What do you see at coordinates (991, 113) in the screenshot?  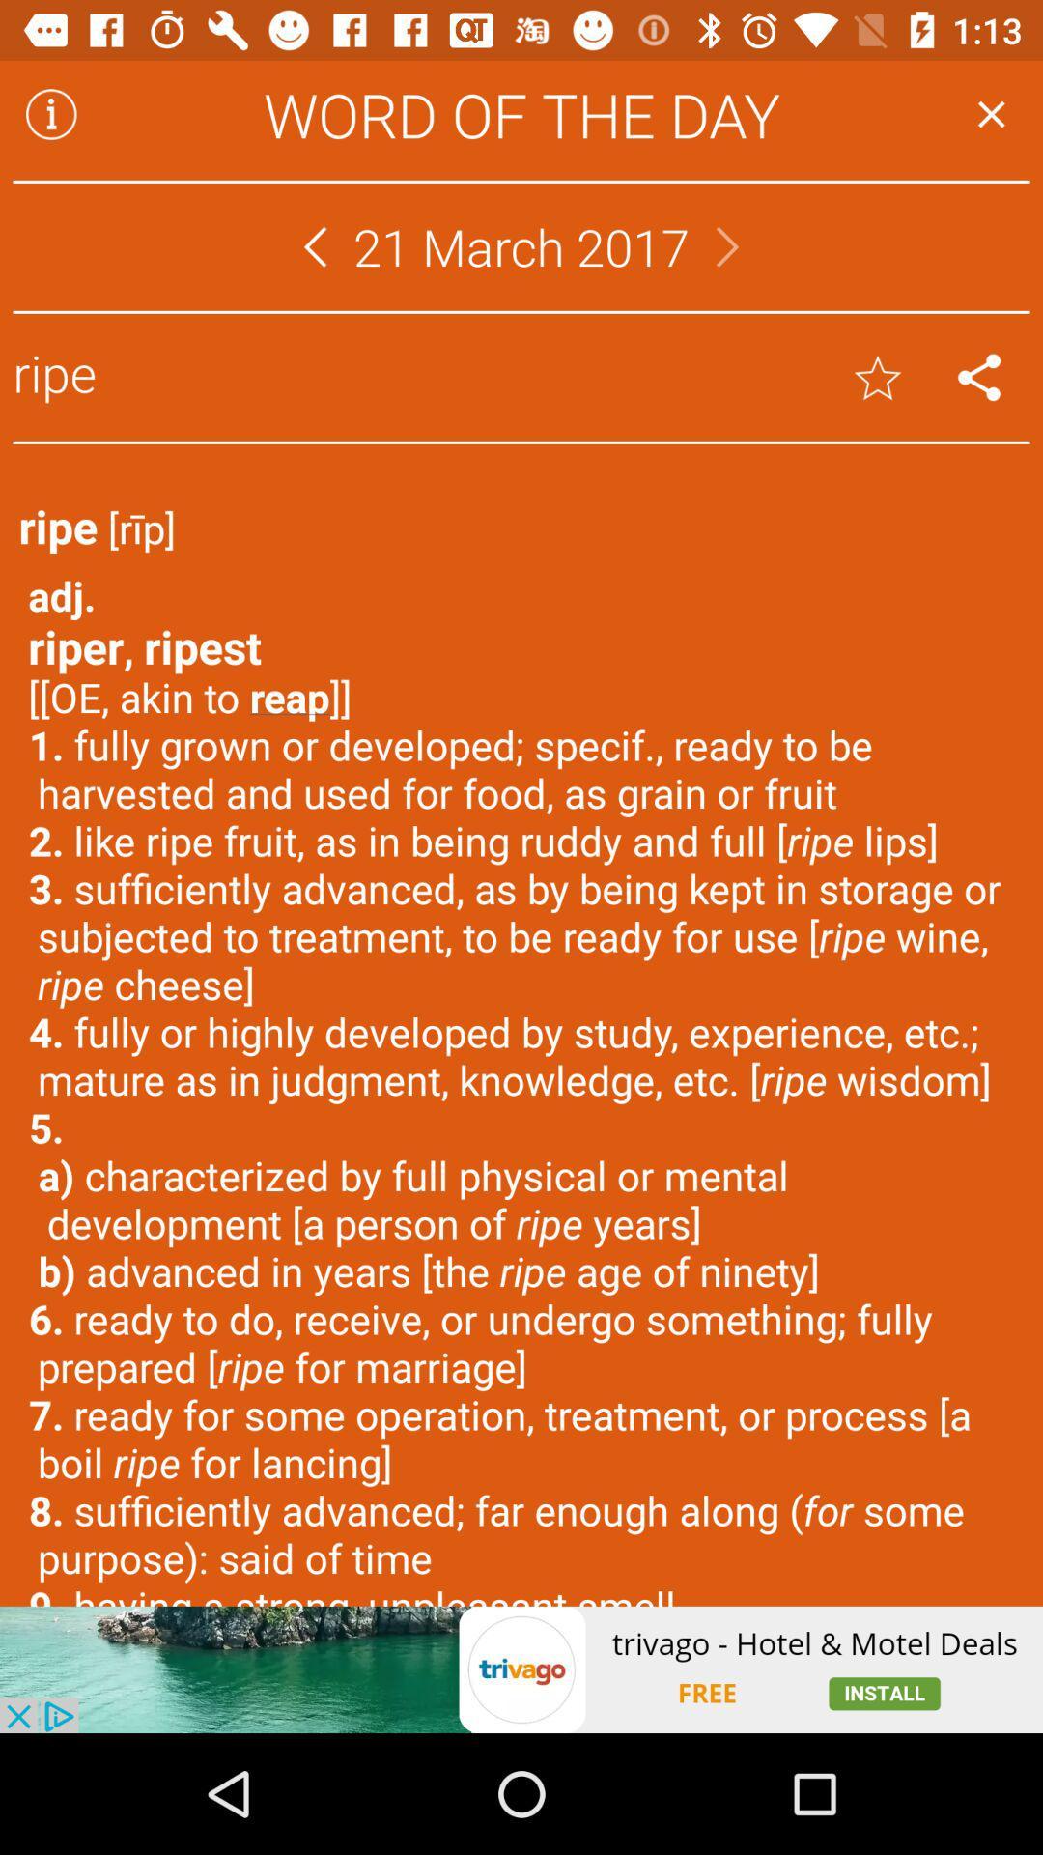 I see `button` at bounding box center [991, 113].